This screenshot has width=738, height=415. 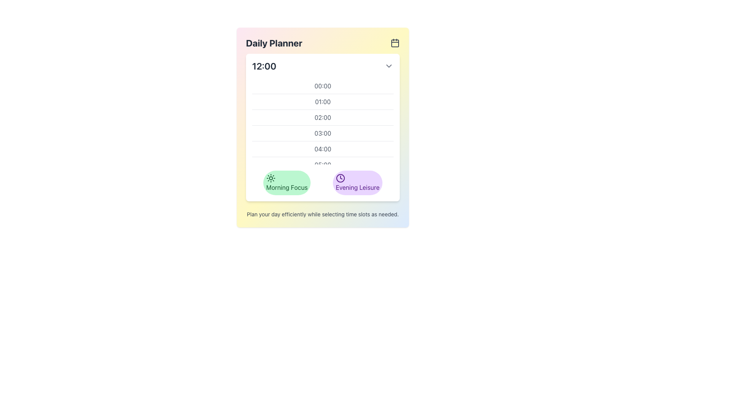 I want to click on the text label displaying the time '04:00' in the dropdown list of the 'Daily Planner' module, so click(x=323, y=149).